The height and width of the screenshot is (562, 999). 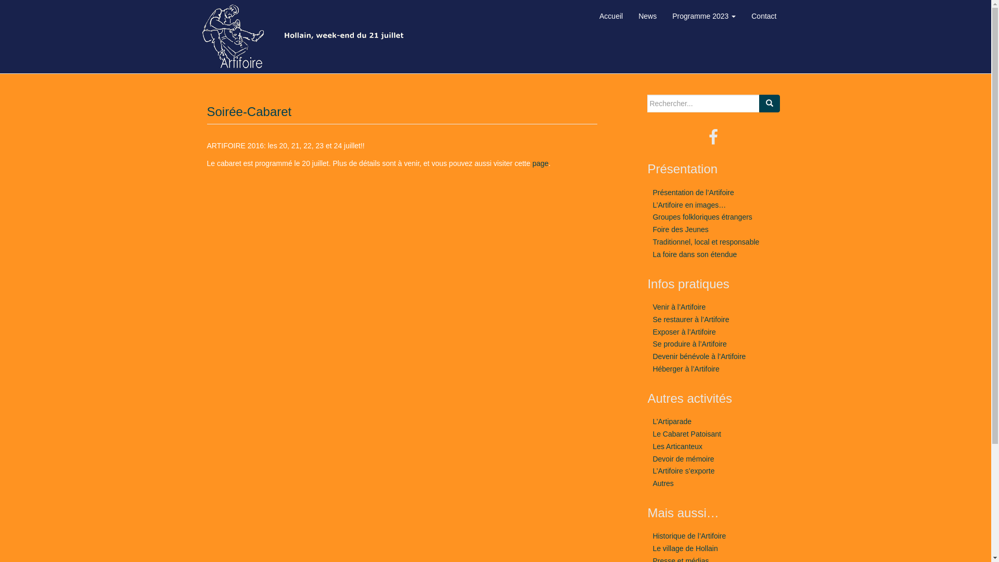 What do you see at coordinates (769, 104) in the screenshot?
I see `'Search'` at bounding box center [769, 104].